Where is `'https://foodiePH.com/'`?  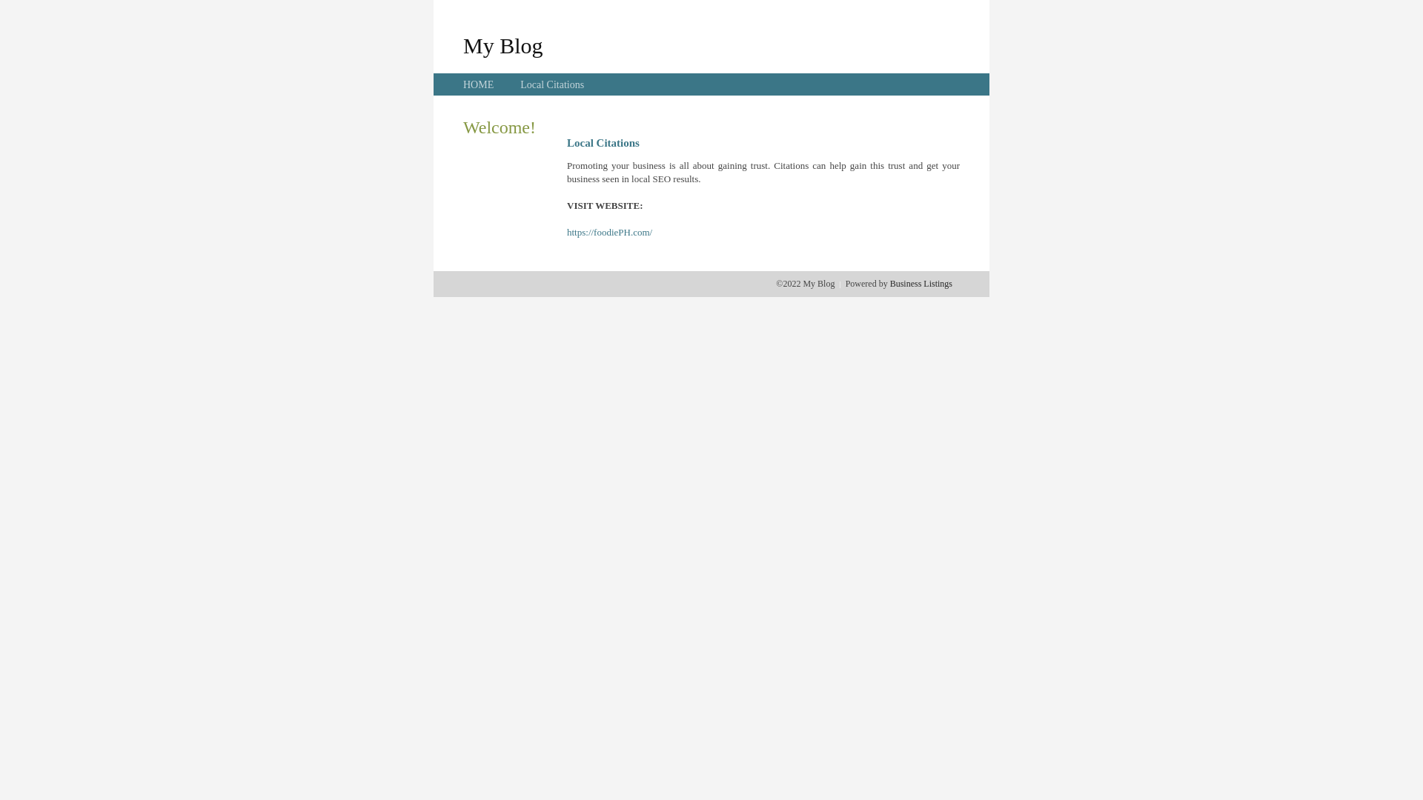
'https://foodiePH.com/' is located at coordinates (609, 232).